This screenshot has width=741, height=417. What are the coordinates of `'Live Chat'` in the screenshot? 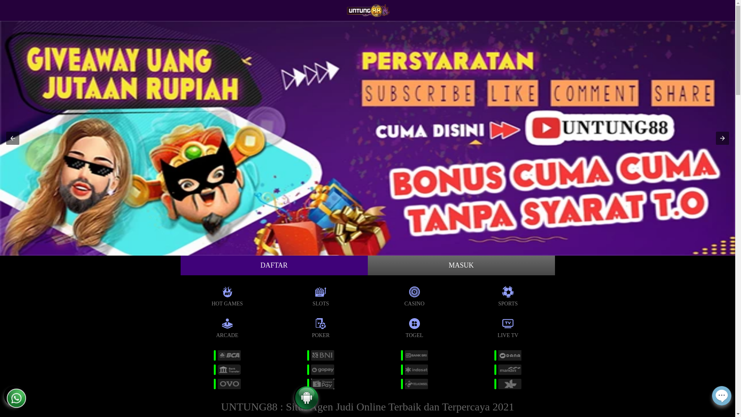 It's located at (721, 400).